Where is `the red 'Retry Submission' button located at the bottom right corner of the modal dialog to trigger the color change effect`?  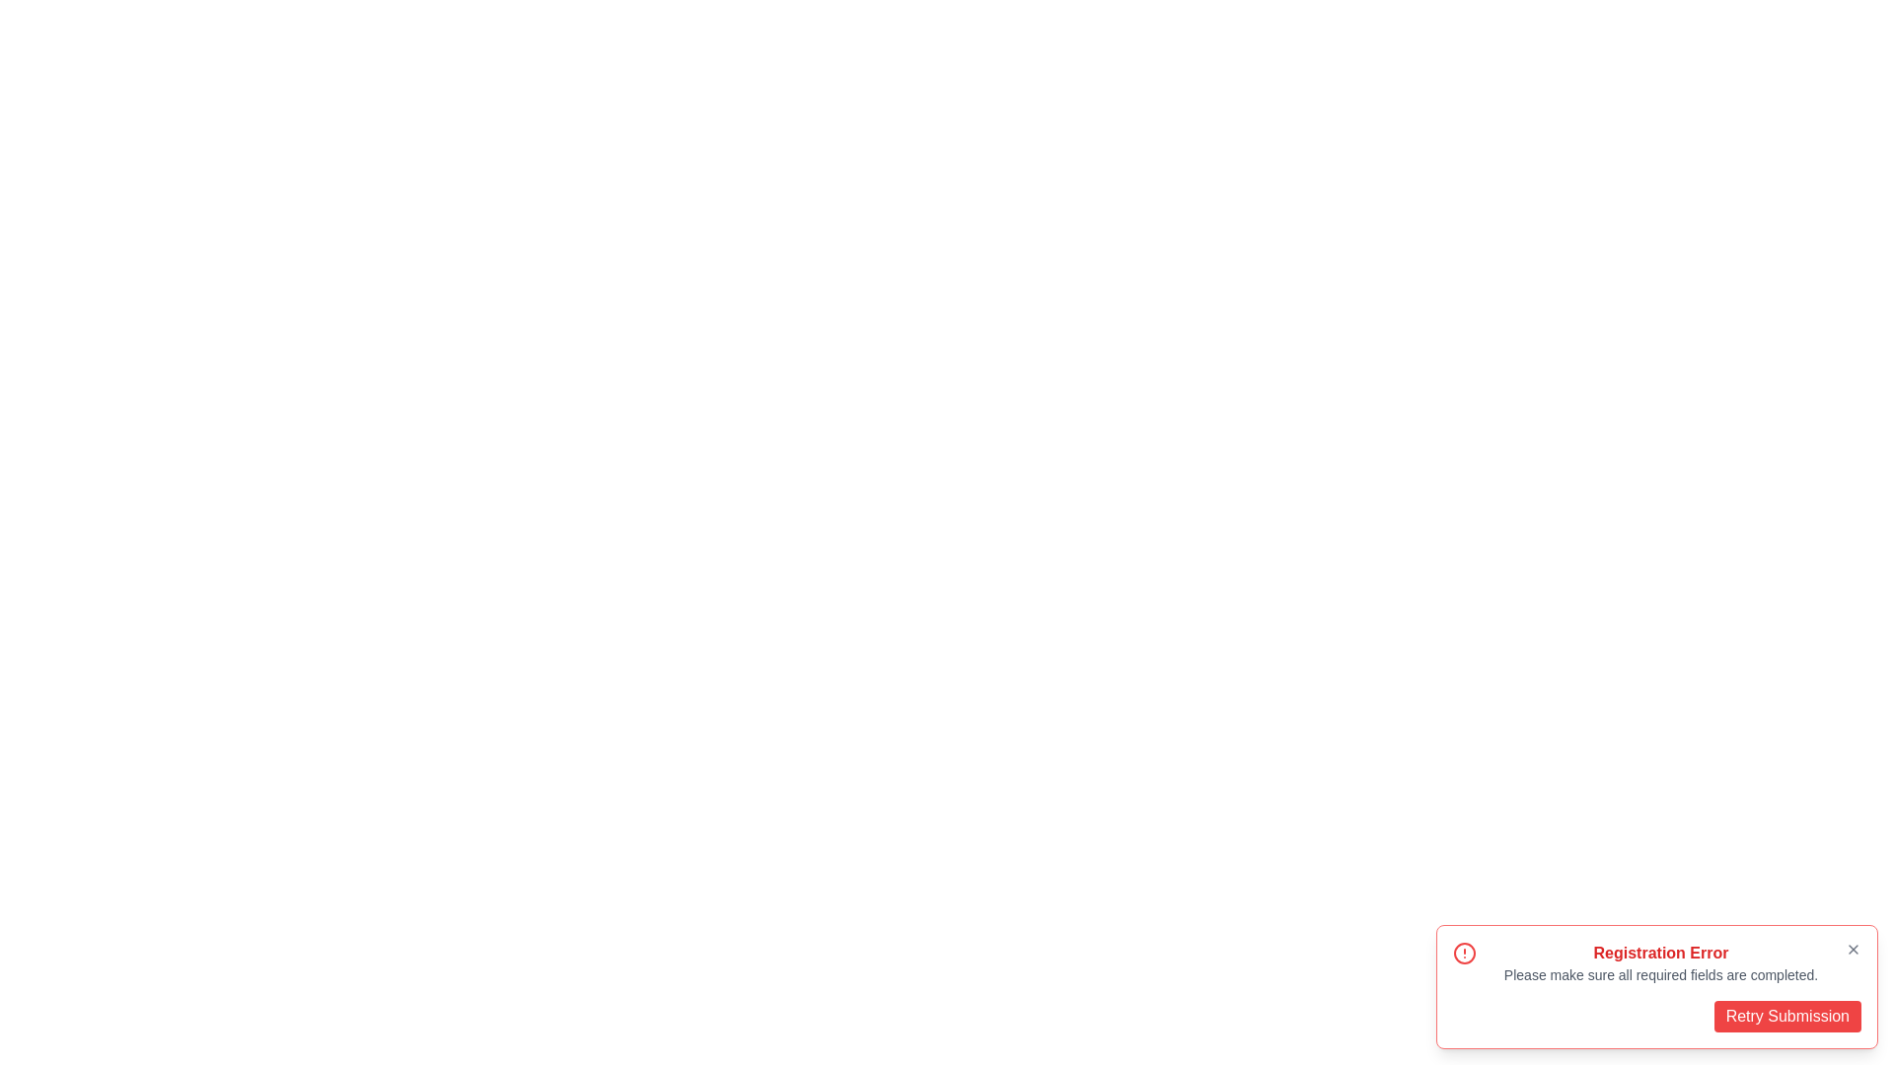 the red 'Retry Submission' button located at the bottom right corner of the modal dialog to trigger the color change effect is located at coordinates (1787, 1016).